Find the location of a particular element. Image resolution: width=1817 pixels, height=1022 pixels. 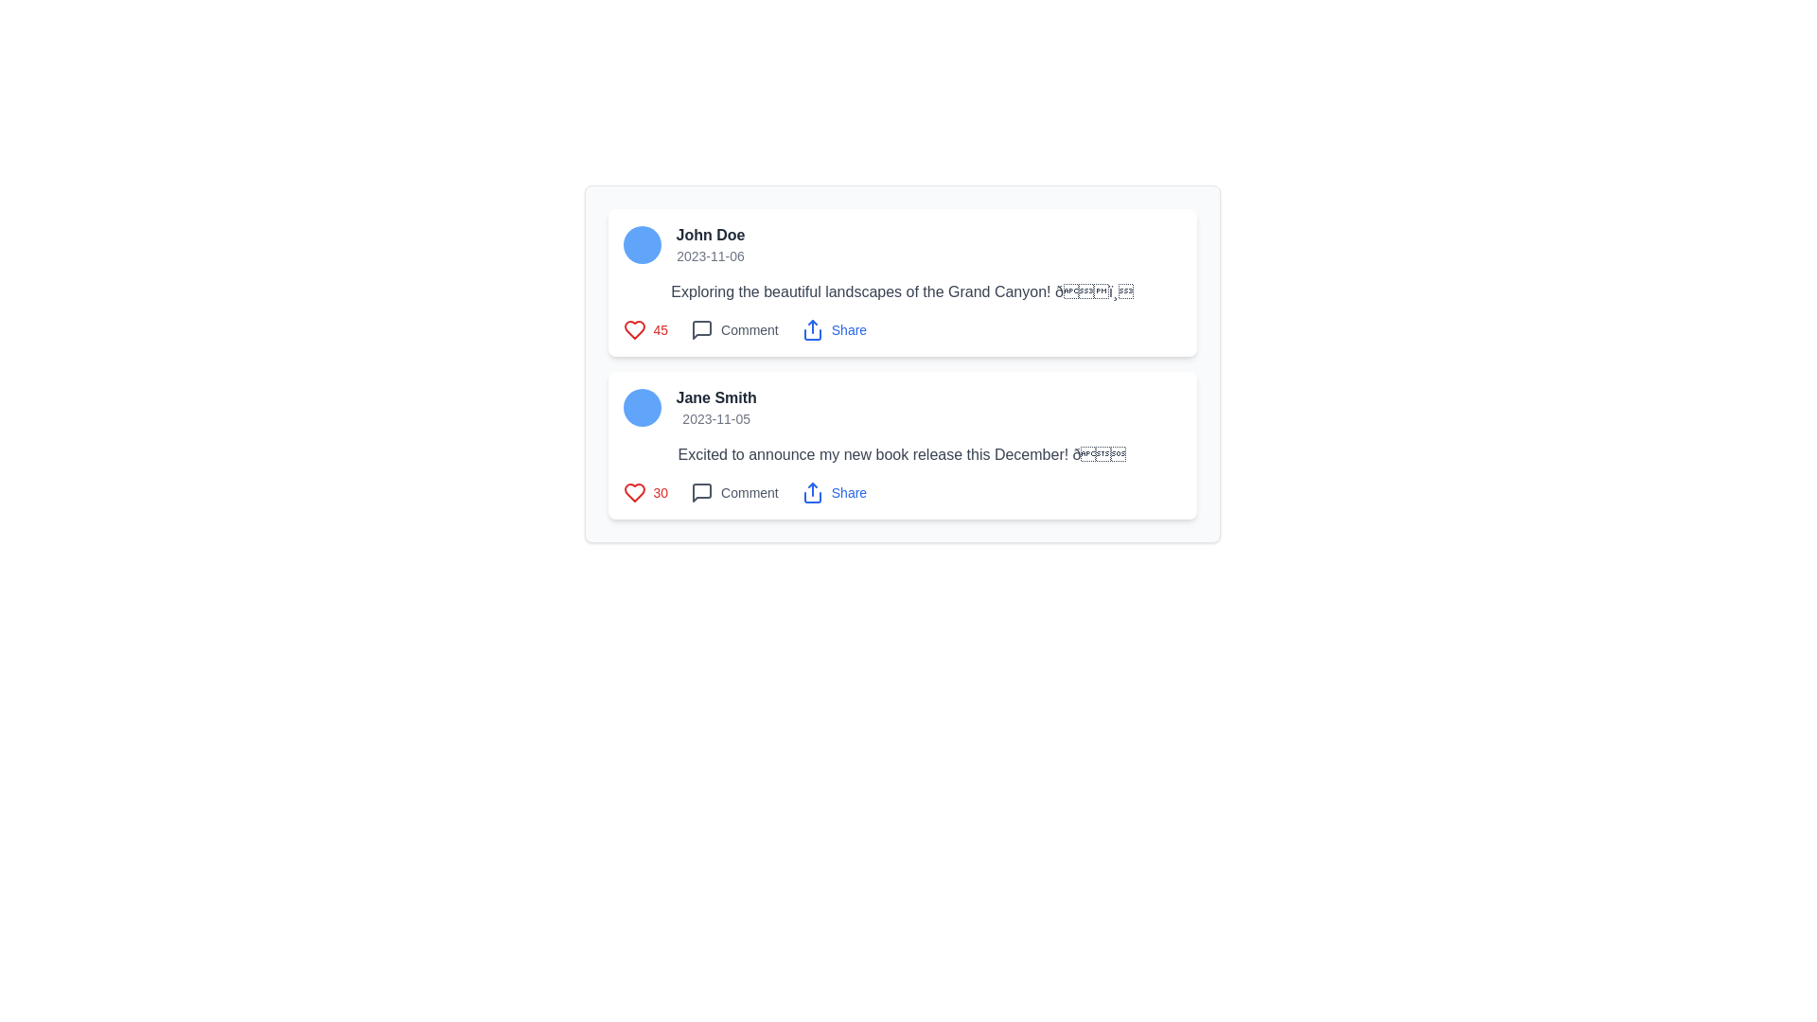

the text label displaying 'Share' in blue color, located at the bottom-right of Jane Smith's post, adjacent to the share icon is located at coordinates (848, 491).